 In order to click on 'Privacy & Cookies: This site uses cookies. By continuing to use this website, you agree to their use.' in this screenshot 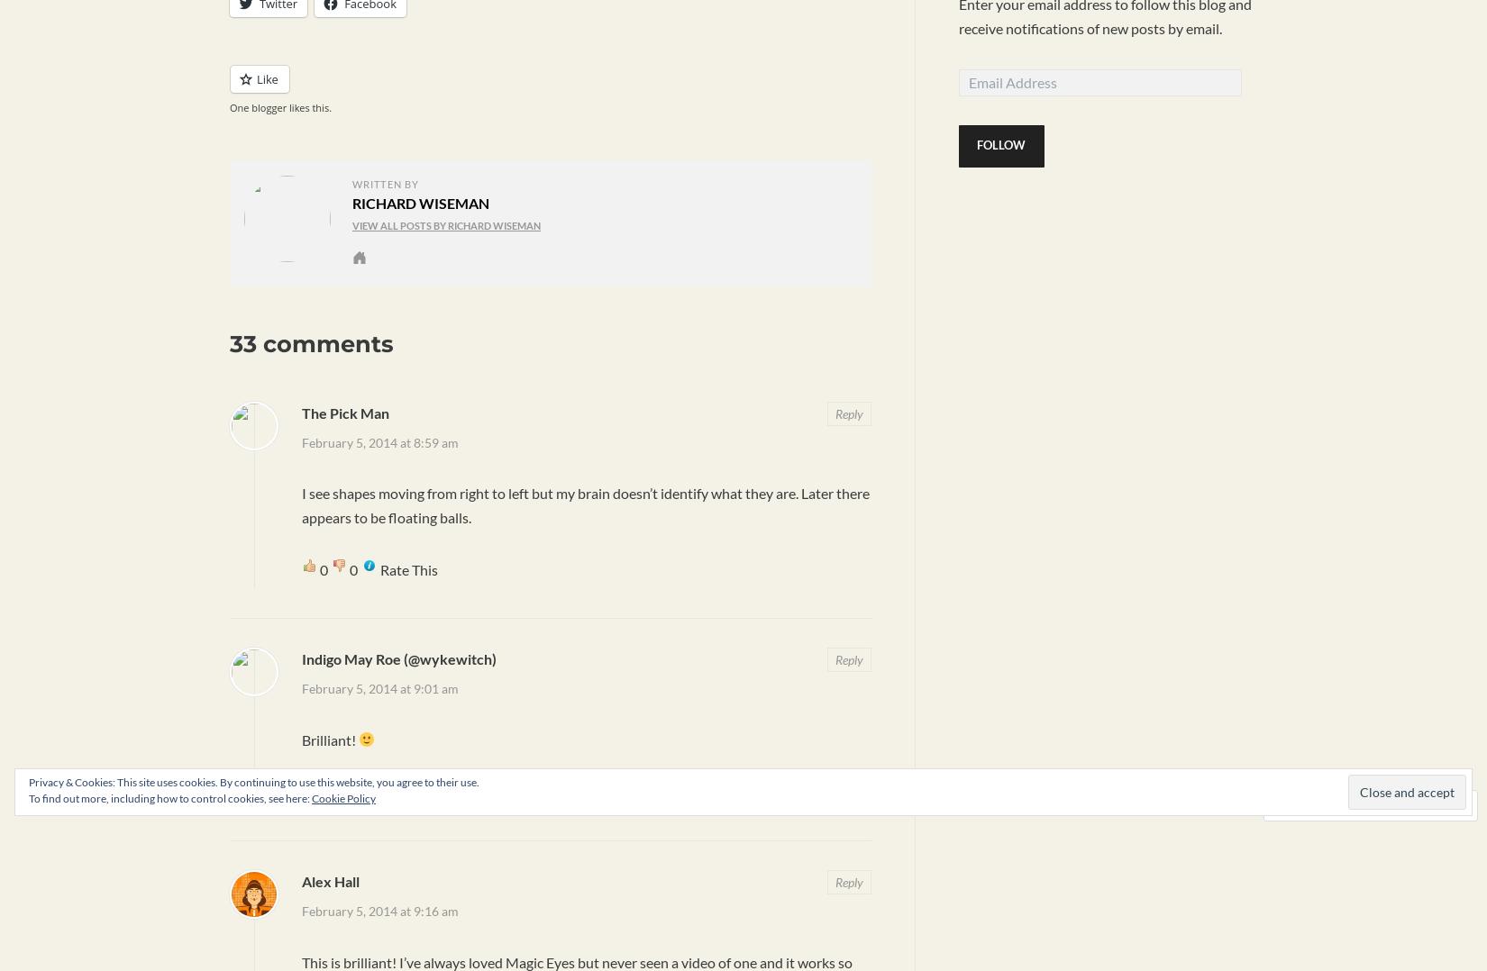, I will do `click(253, 781)`.